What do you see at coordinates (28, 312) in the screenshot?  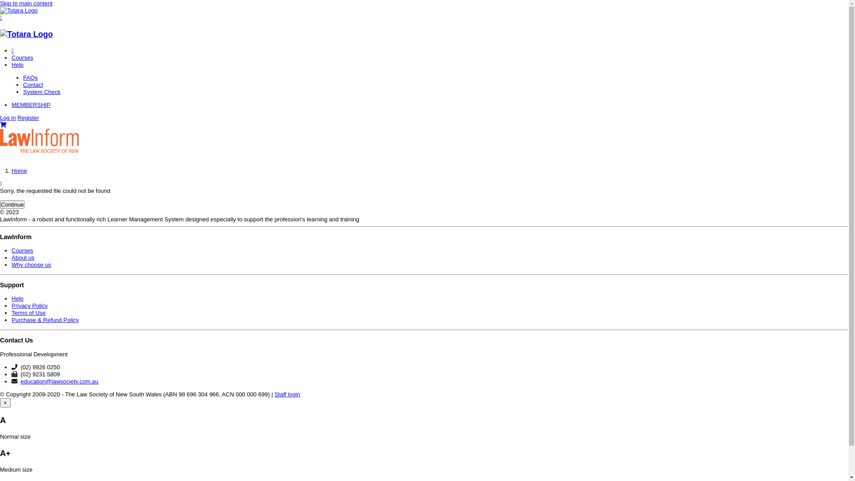 I see `'Terms of Use'` at bounding box center [28, 312].